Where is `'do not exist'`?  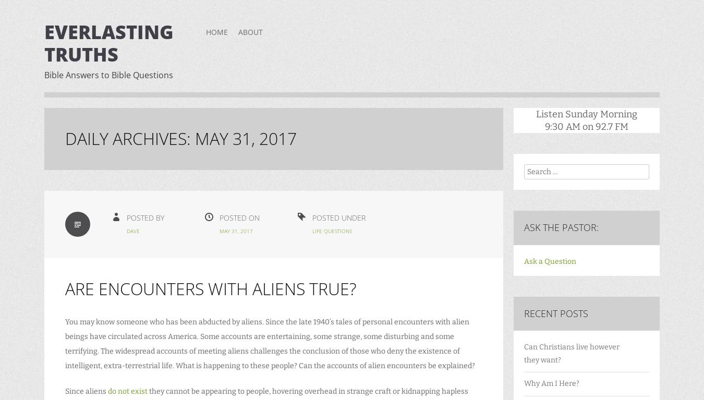 'do not exist' is located at coordinates (107, 391).